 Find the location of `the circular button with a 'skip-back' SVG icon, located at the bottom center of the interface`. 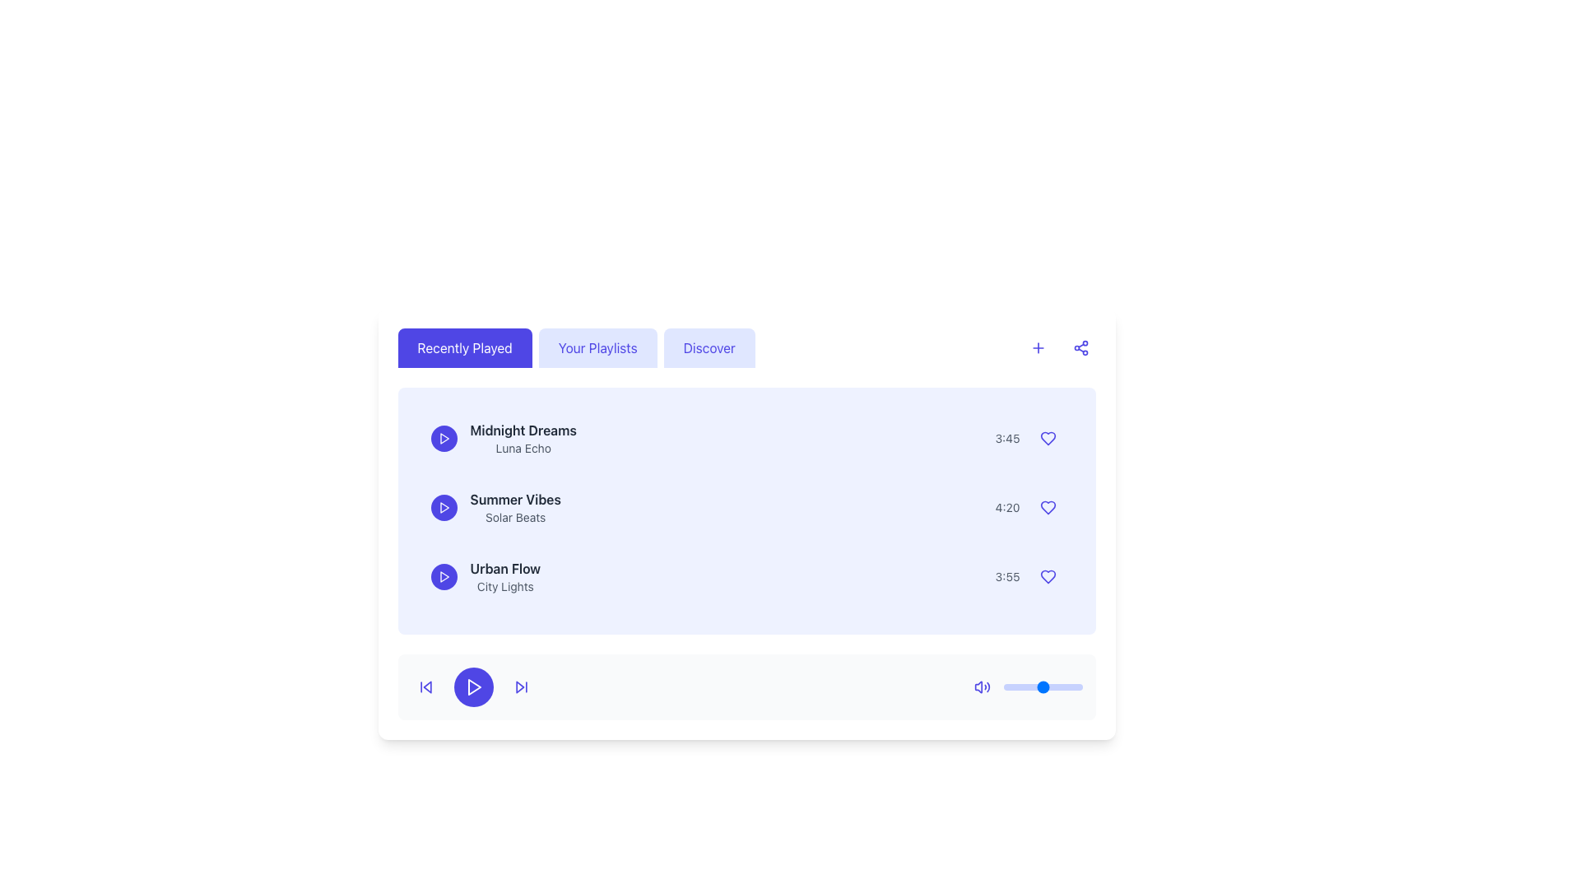

the circular button with a 'skip-back' SVG icon, located at the bottom center of the interface is located at coordinates (425, 687).